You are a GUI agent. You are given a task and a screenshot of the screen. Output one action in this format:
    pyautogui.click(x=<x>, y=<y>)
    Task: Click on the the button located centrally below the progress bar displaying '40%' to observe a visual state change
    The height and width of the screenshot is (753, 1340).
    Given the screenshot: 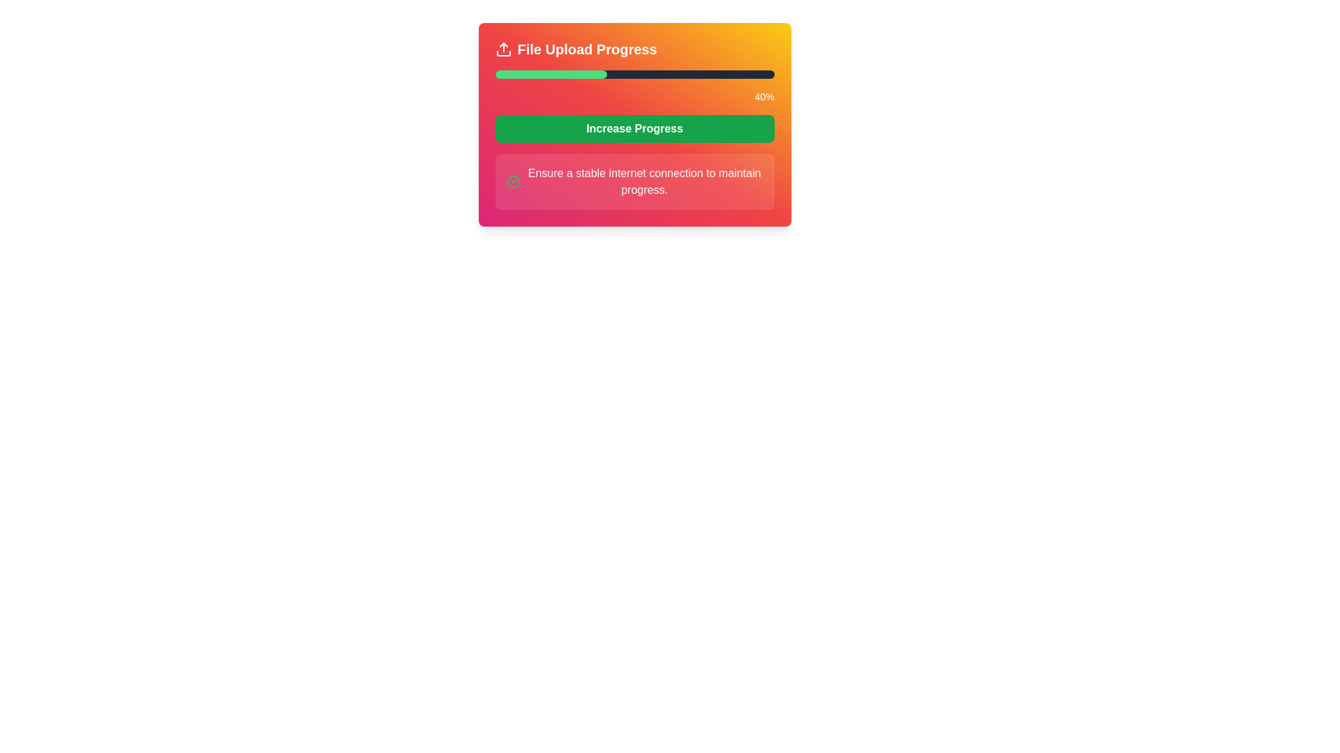 What is the action you would take?
    pyautogui.click(x=634, y=129)
    